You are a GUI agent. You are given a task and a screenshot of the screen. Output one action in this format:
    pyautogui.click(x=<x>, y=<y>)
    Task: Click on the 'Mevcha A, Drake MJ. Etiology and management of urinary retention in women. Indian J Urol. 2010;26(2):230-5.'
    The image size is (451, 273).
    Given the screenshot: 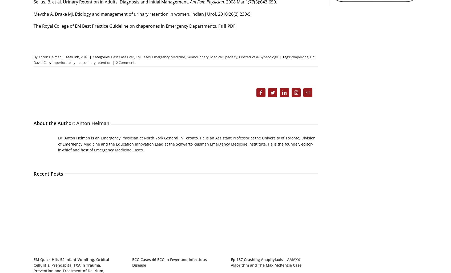 What is the action you would take?
    pyautogui.click(x=143, y=14)
    